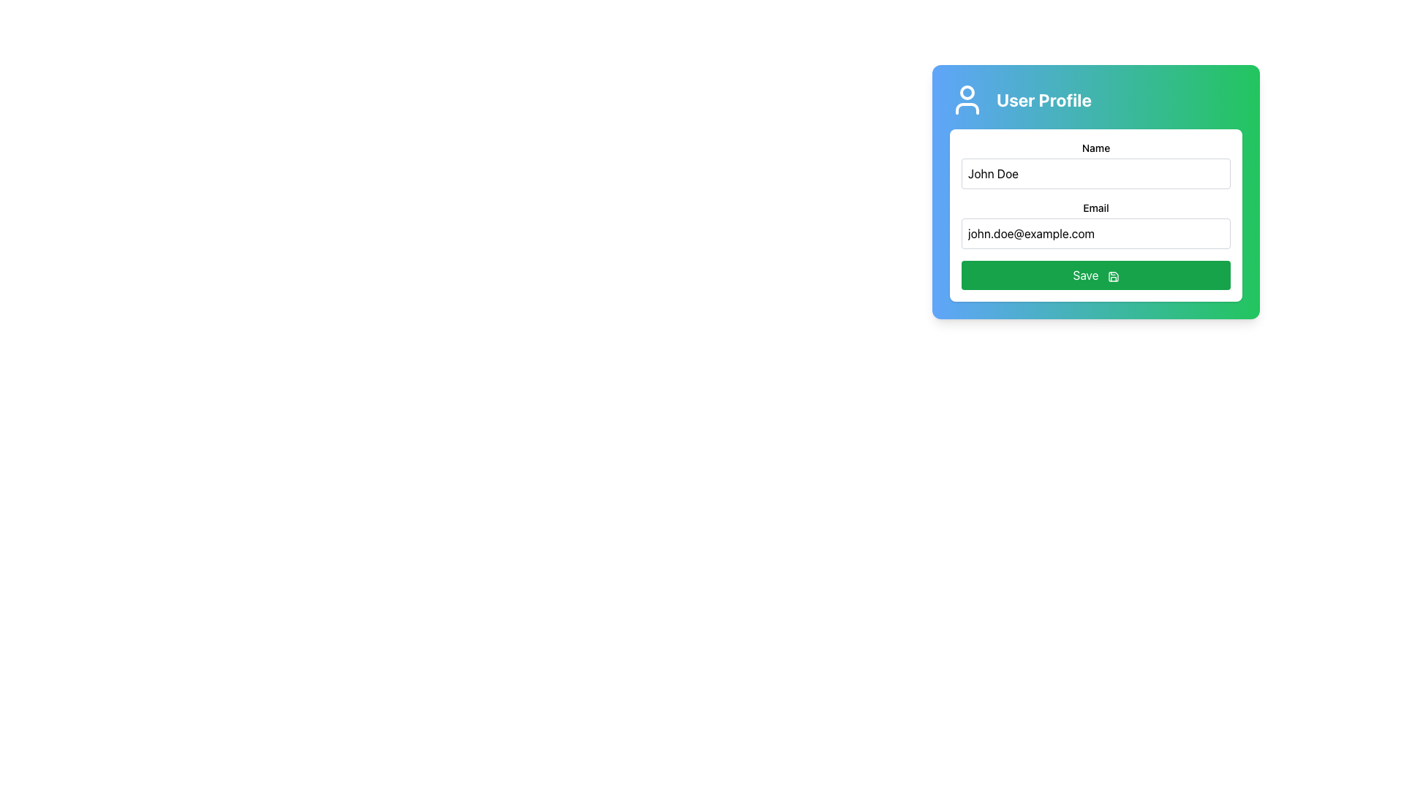 The width and height of the screenshot is (1404, 789). What do you see at coordinates (1095, 191) in the screenshot?
I see `the email field of the User Profile Form` at bounding box center [1095, 191].